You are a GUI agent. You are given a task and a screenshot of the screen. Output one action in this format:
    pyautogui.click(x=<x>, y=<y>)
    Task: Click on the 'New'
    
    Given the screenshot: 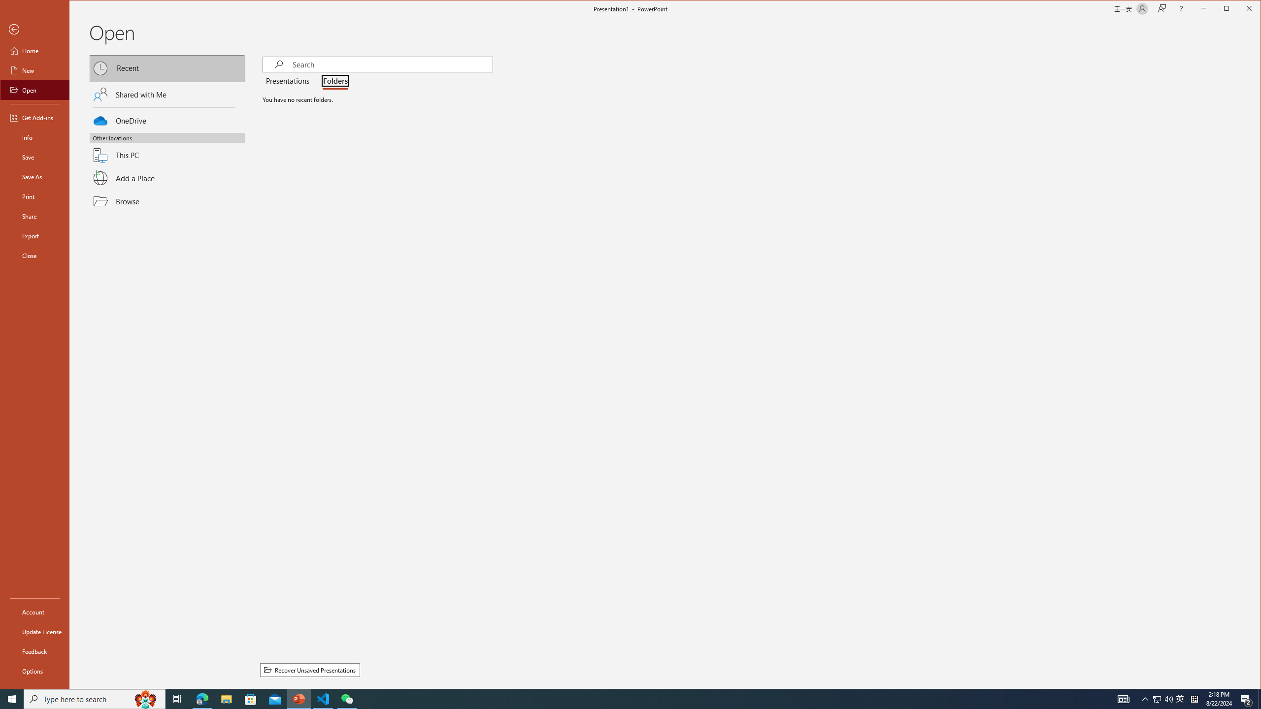 What is the action you would take?
    pyautogui.click(x=34, y=69)
    